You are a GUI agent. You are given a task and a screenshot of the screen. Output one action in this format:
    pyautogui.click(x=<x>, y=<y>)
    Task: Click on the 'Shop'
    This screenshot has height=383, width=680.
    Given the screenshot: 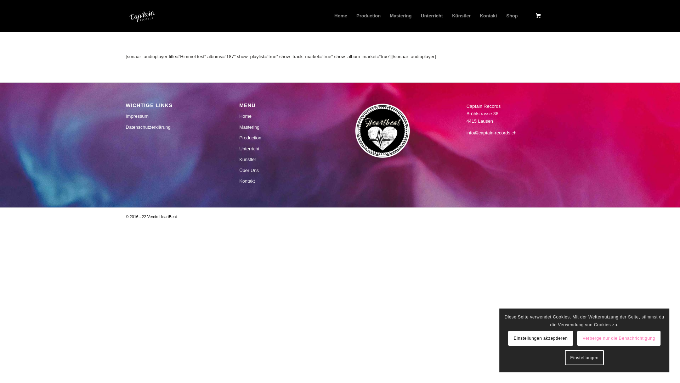 What is the action you would take?
    pyautogui.click(x=512, y=16)
    